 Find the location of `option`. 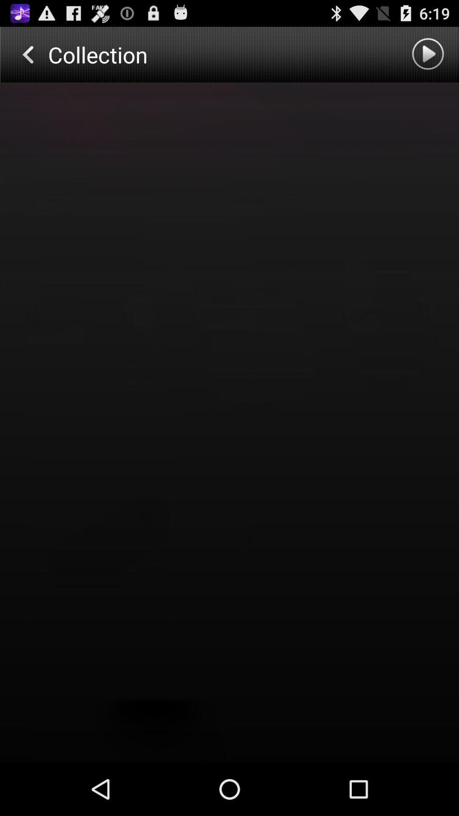

option is located at coordinates (429, 54).